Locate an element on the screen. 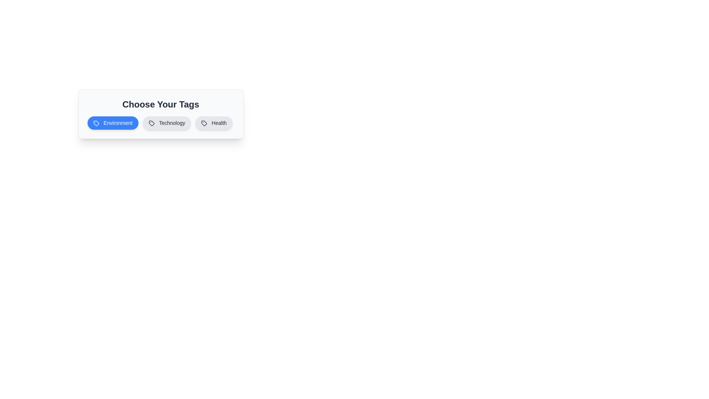 This screenshot has height=399, width=709. the tag labeled Health is located at coordinates (213, 122).